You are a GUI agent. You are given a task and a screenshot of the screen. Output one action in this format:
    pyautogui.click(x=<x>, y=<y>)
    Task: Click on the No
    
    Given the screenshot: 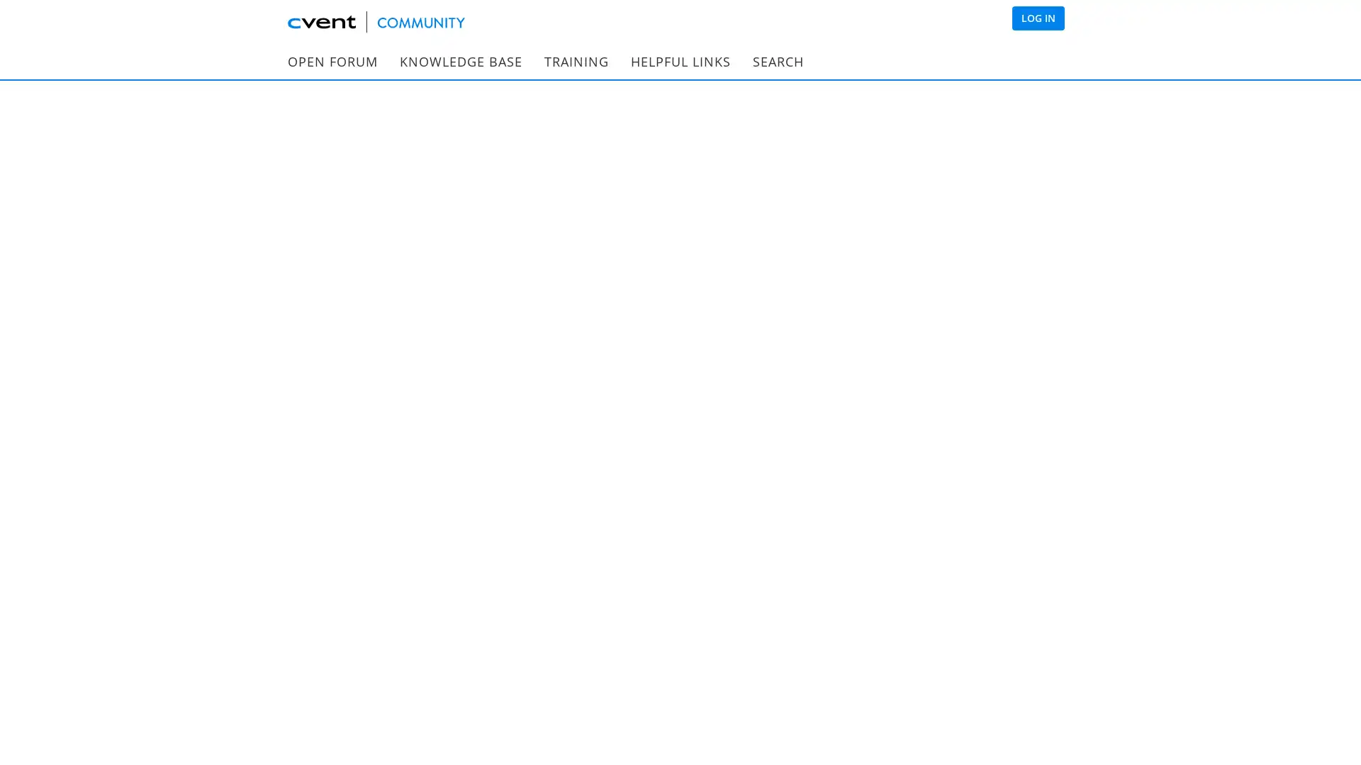 What is the action you would take?
    pyautogui.click(x=702, y=405)
    